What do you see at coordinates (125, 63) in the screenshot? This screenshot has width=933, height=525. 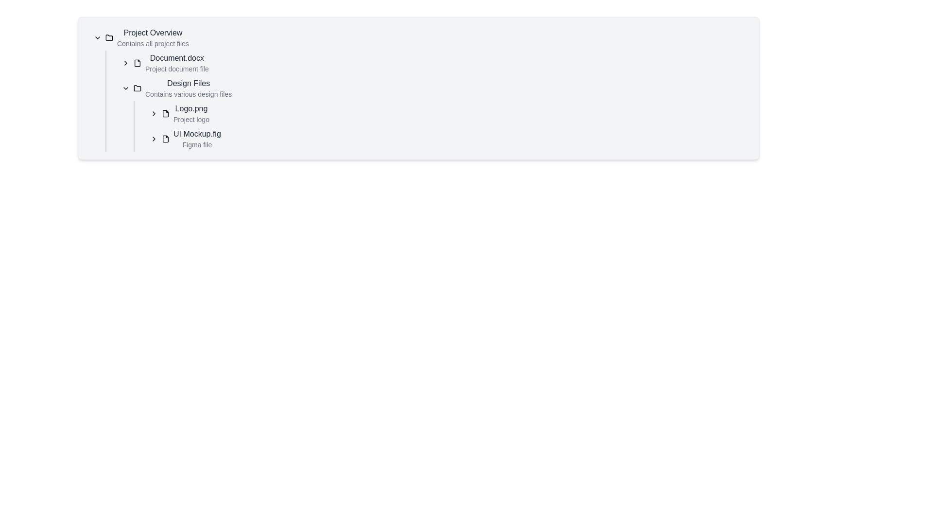 I see `the icon that serves as a navigation control for 'Document.docx' to trigger a tooltip or visual change` at bounding box center [125, 63].